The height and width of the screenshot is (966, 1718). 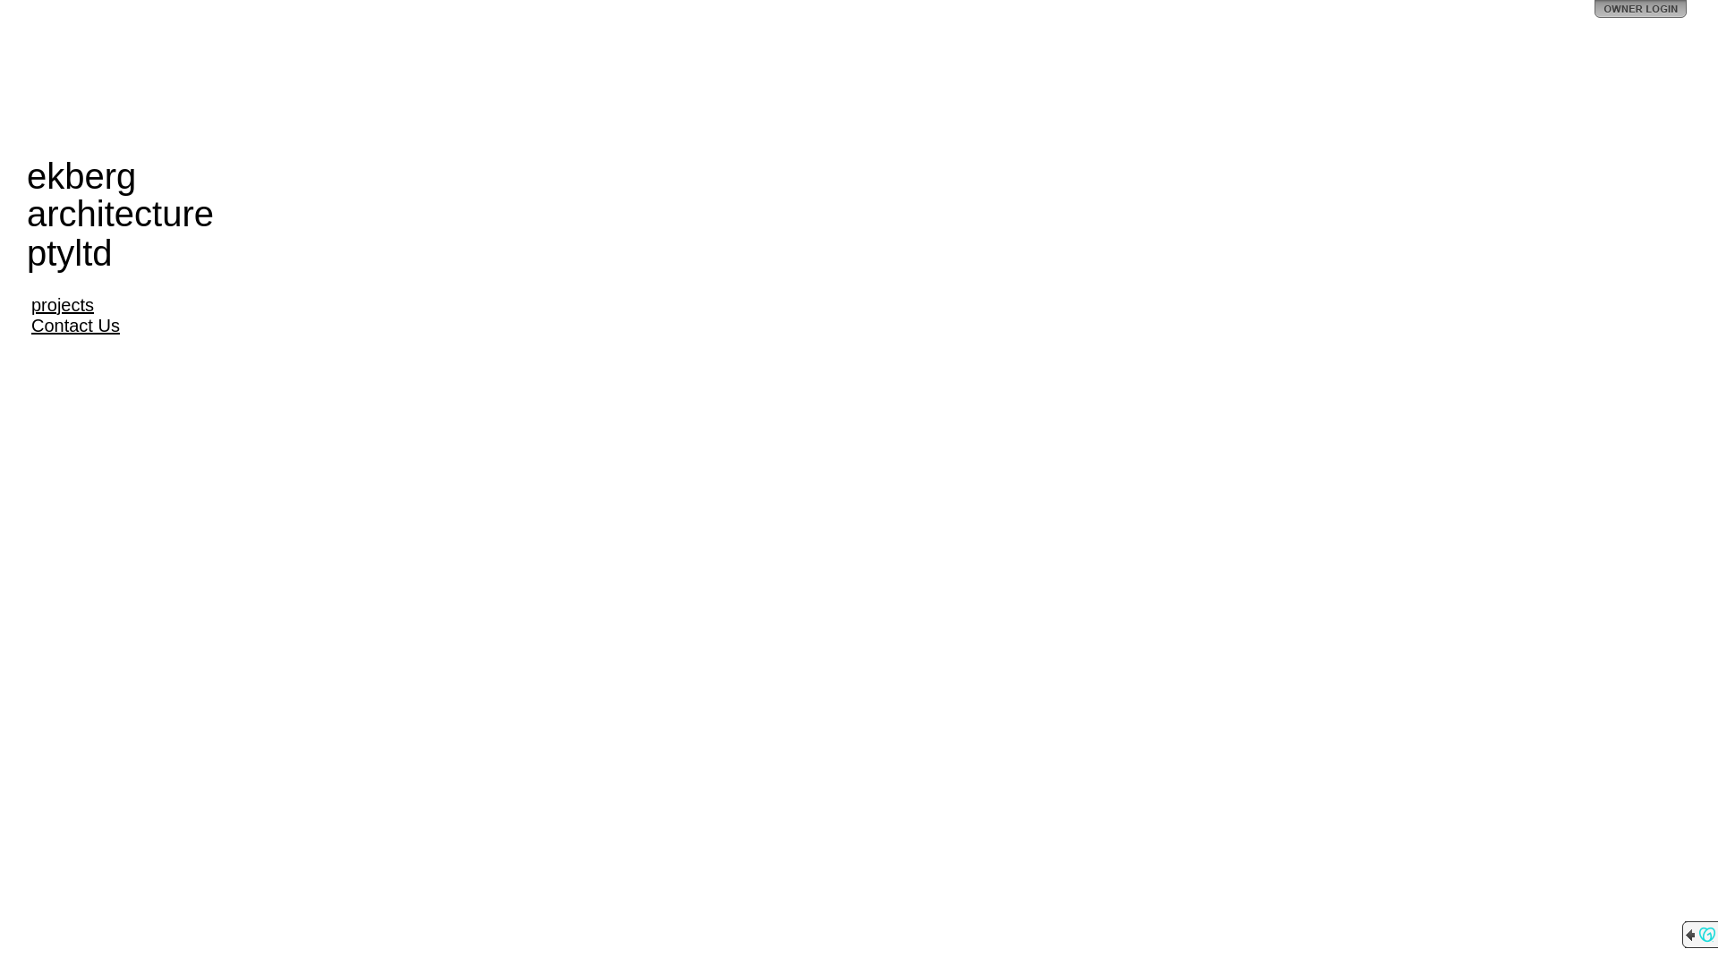 I want to click on 'projects', so click(x=63, y=303).